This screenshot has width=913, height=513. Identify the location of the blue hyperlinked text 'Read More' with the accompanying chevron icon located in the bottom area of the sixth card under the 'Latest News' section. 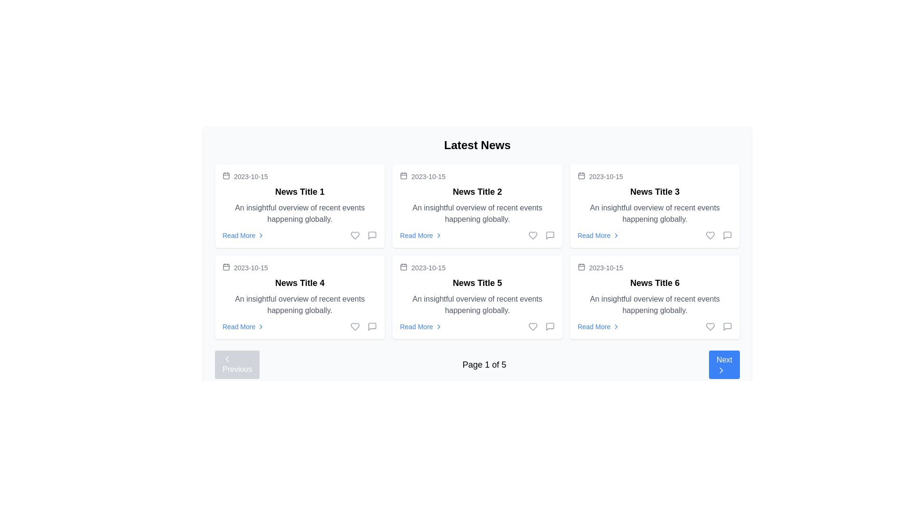
(598, 326).